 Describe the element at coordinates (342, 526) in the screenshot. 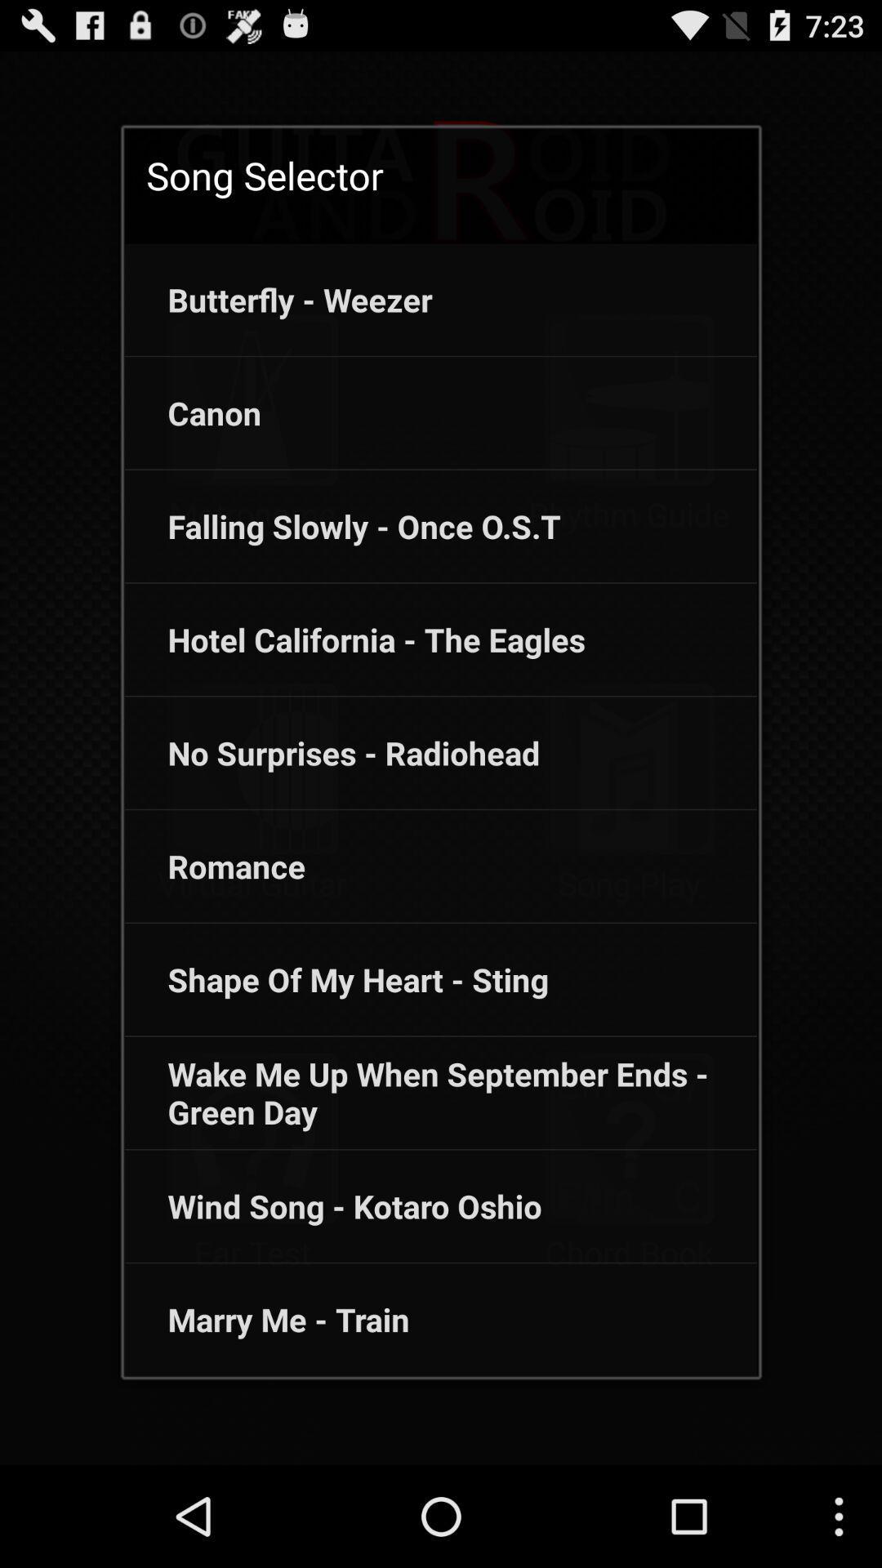

I see `app above hotel california the icon` at that location.